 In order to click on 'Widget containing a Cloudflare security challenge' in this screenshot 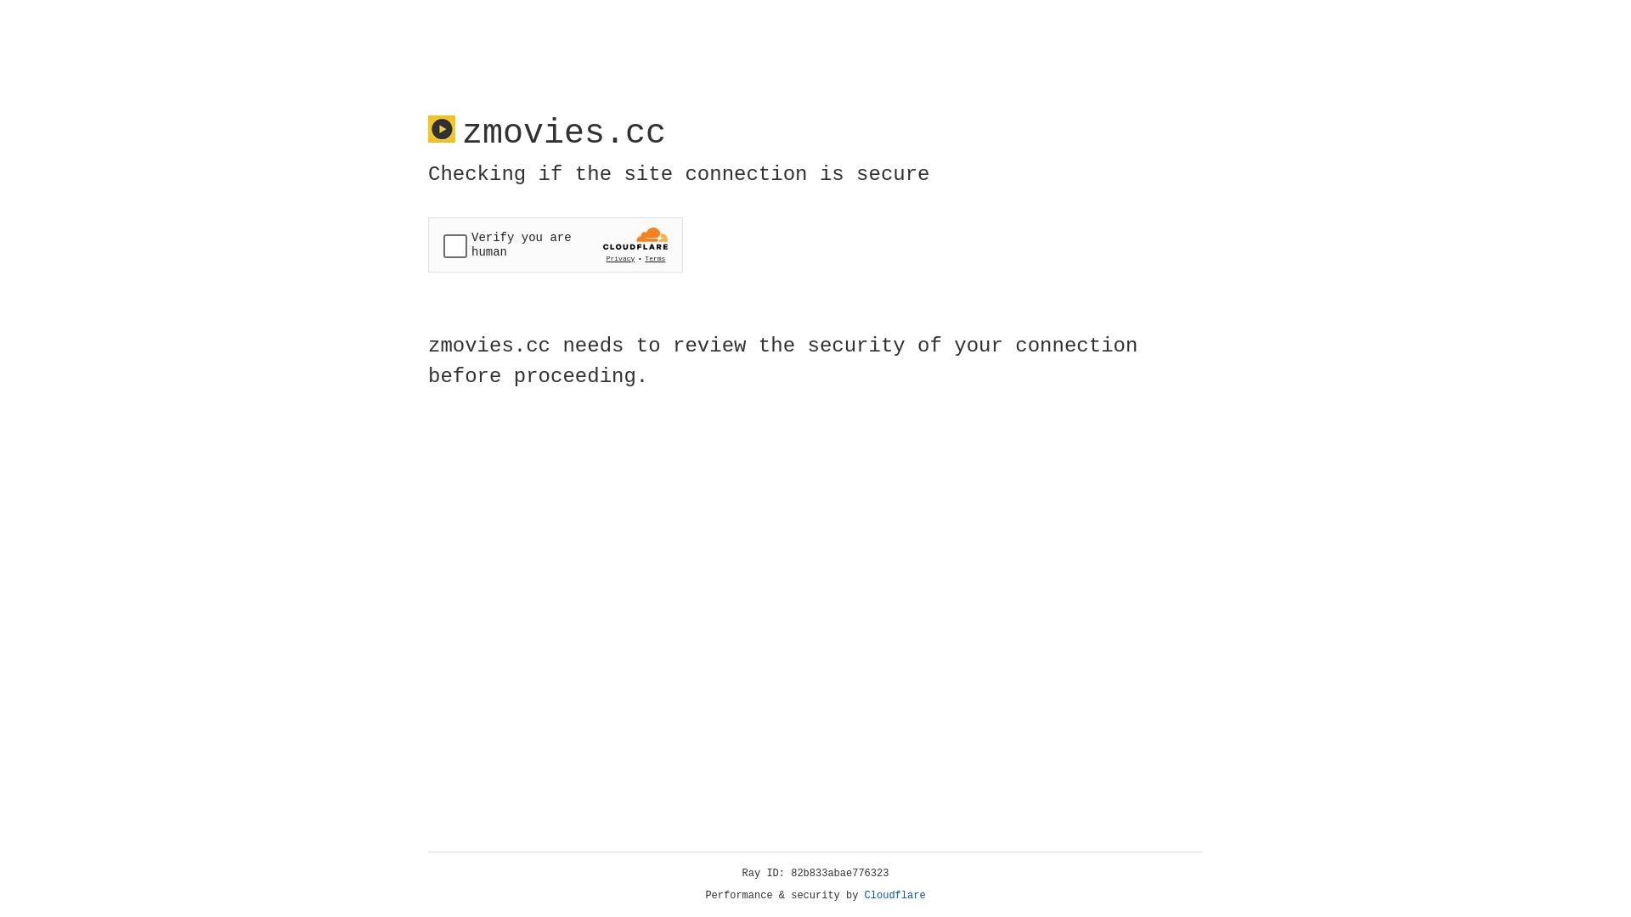, I will do `click(555, 245)`.